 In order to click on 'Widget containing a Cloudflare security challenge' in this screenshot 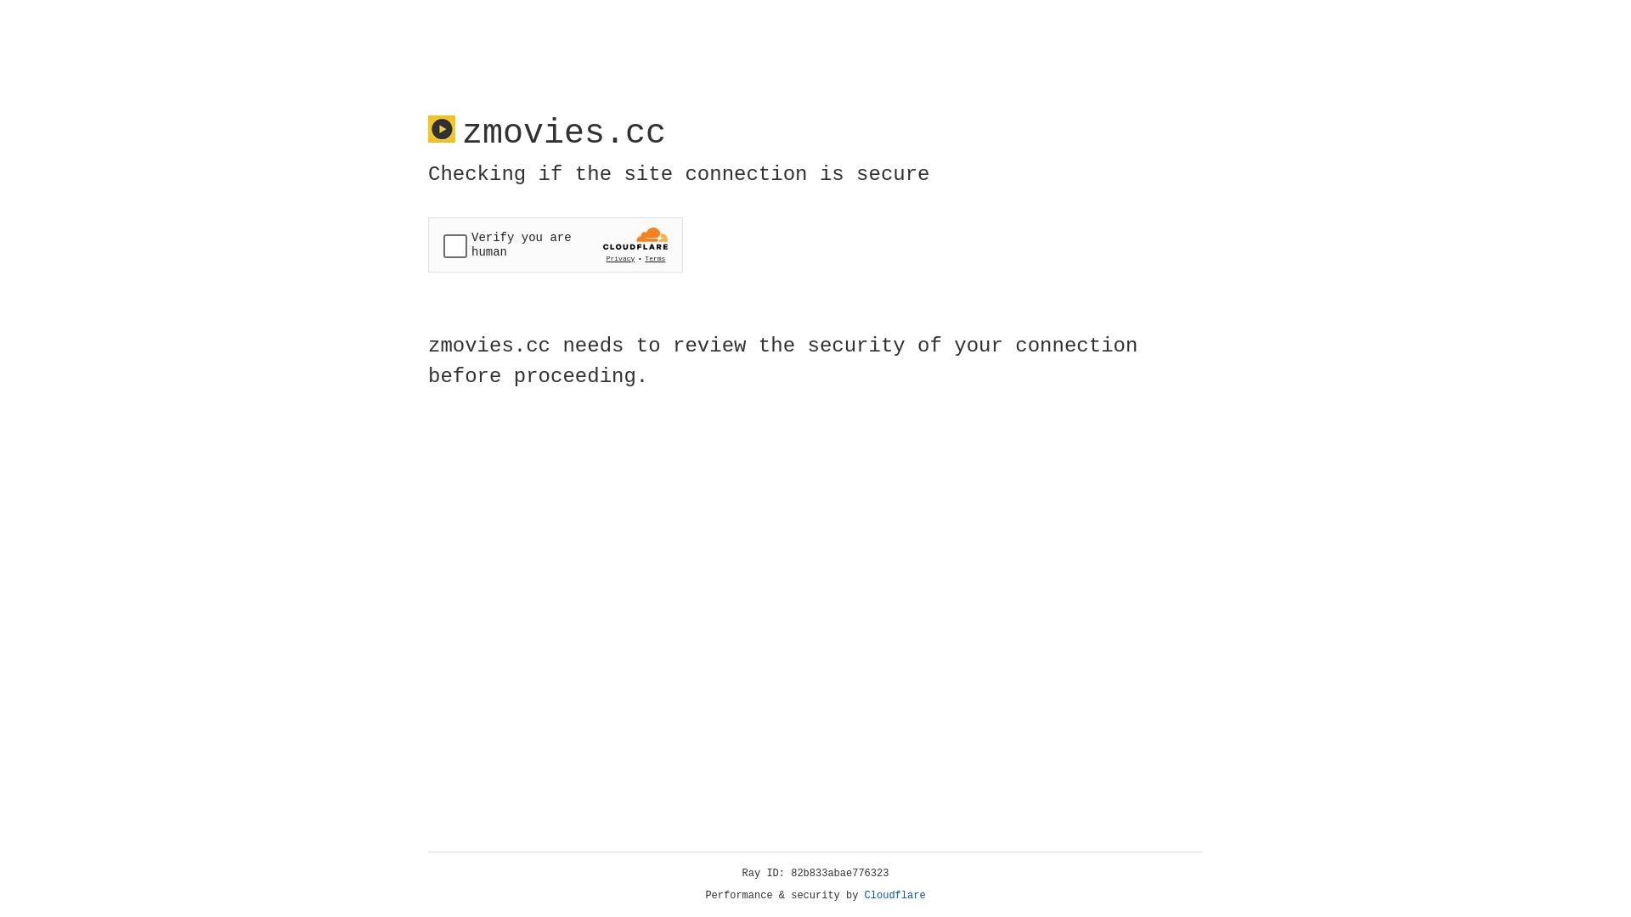, I will do `click(555, 245)`.